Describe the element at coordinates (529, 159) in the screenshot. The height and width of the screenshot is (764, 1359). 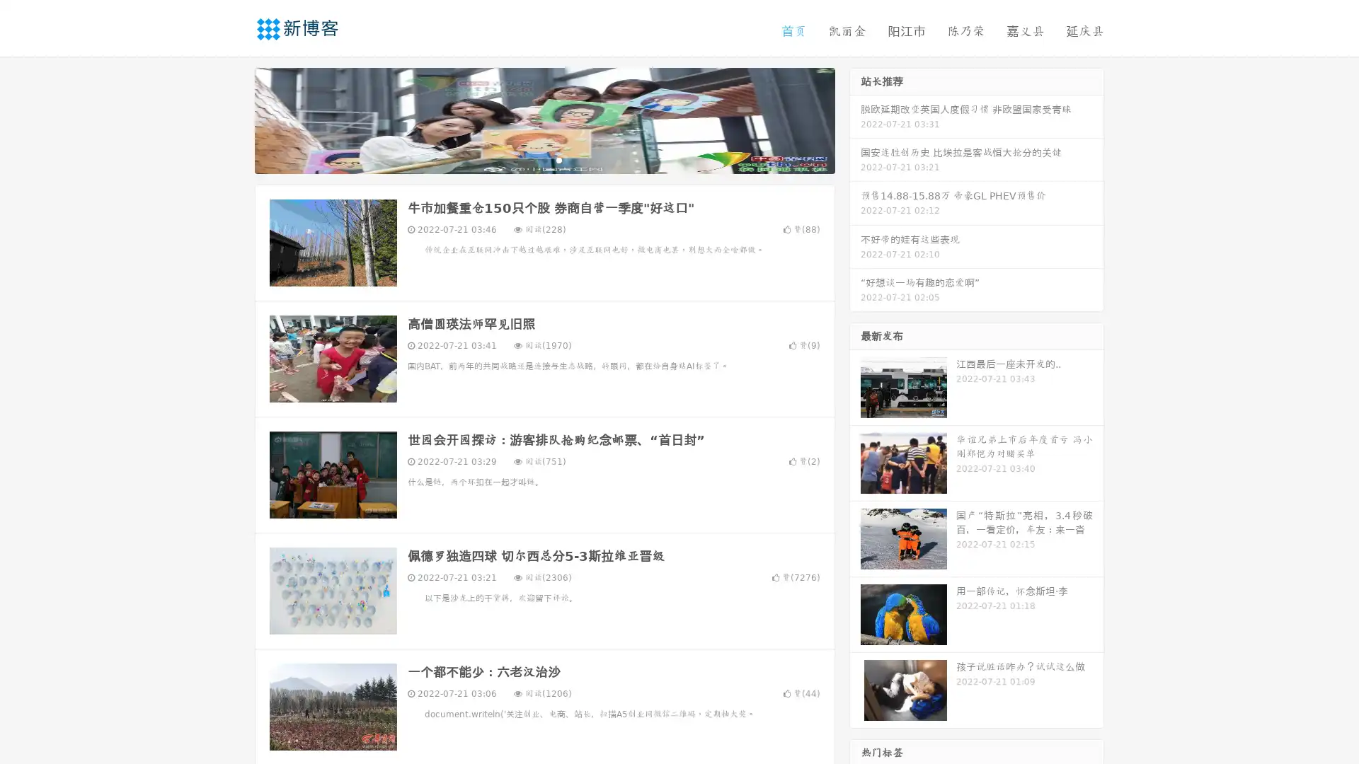
I see `Go to slide 1` at that location.